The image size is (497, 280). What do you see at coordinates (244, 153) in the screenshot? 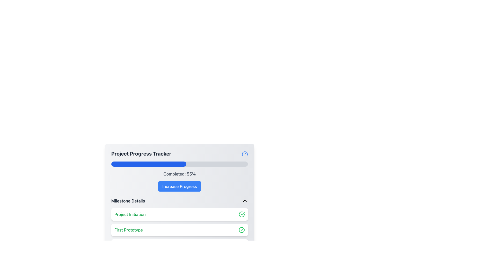
I see `the blue circular arc element of the SVG gauge indicator located at the top-right of the progress tracker interface` at bounding box center [244, 153].